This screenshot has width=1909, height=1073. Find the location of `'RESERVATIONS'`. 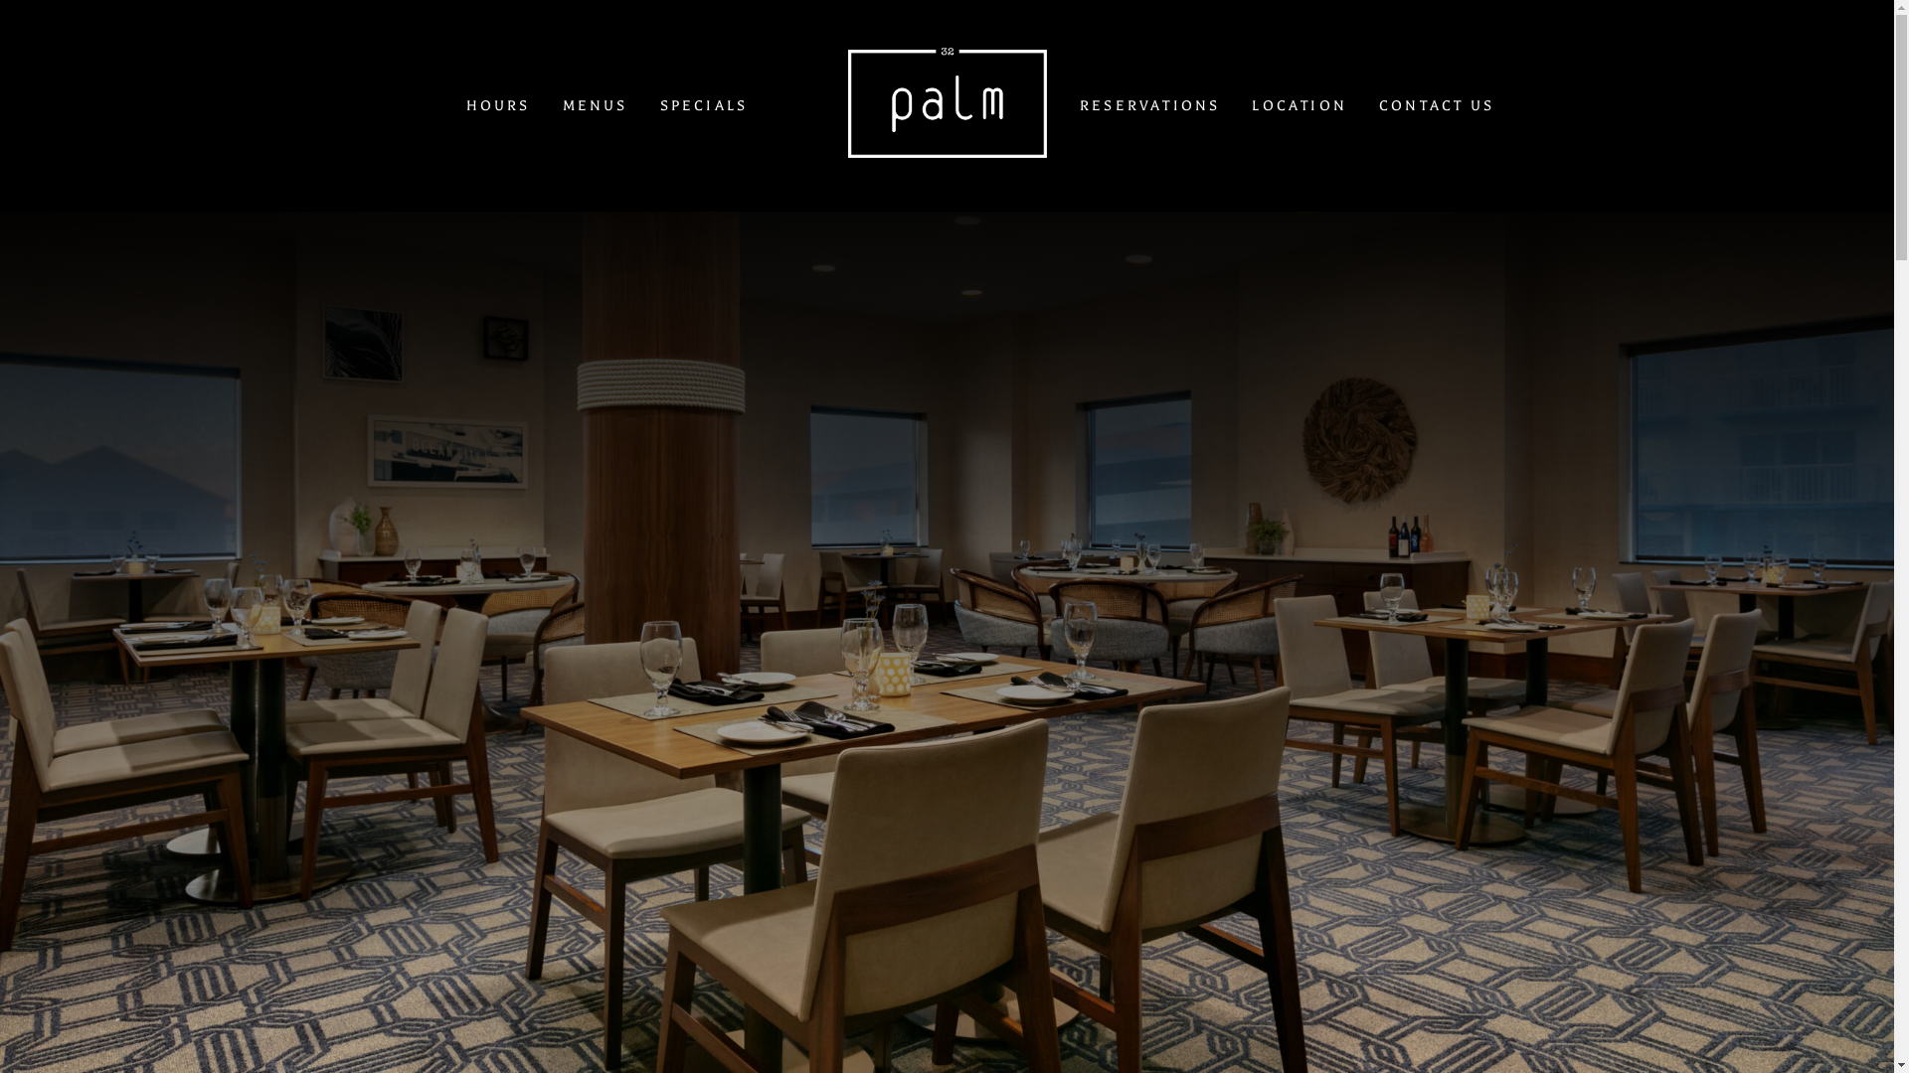

'RESERVATIONS' is located at coordinates (1149, 105).